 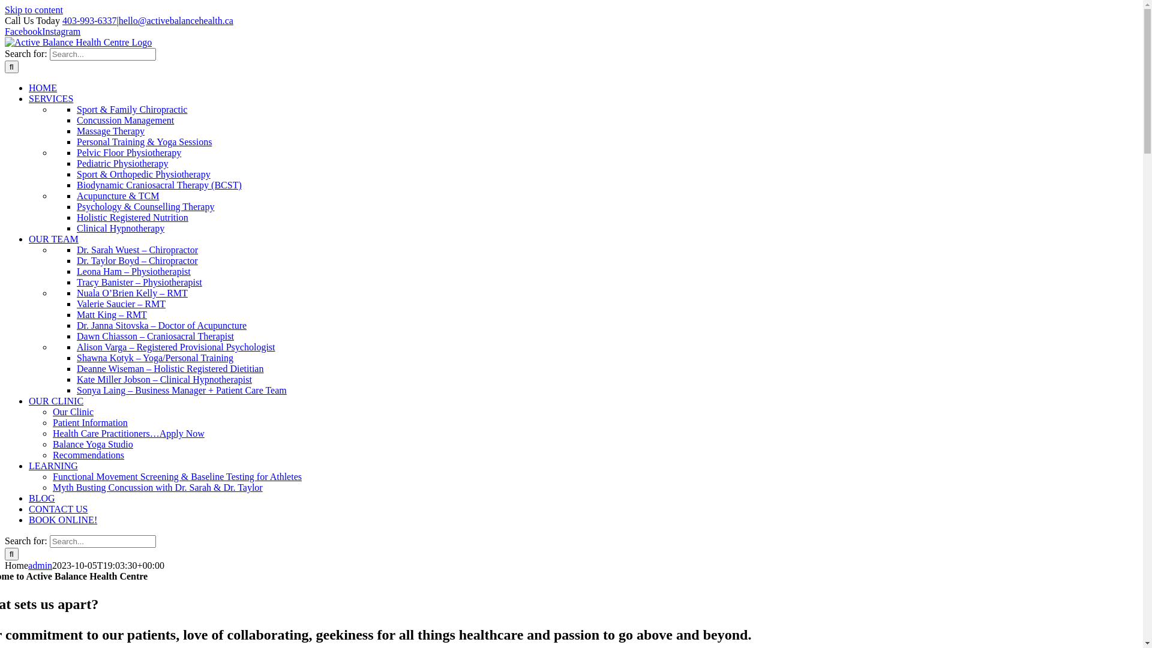 What do you see at coordinates (122, 163) in the screenshot?
I see `'Pediatric Physiotherapy'` at bounding box center [122, 163].